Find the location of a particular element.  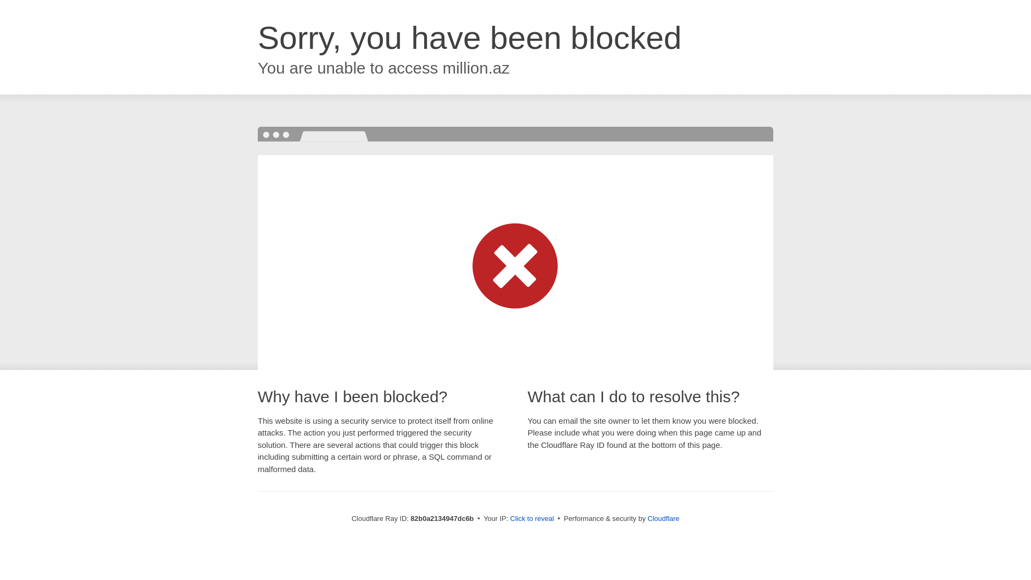

'Cloudflare' is located at coordinates (663, 518).